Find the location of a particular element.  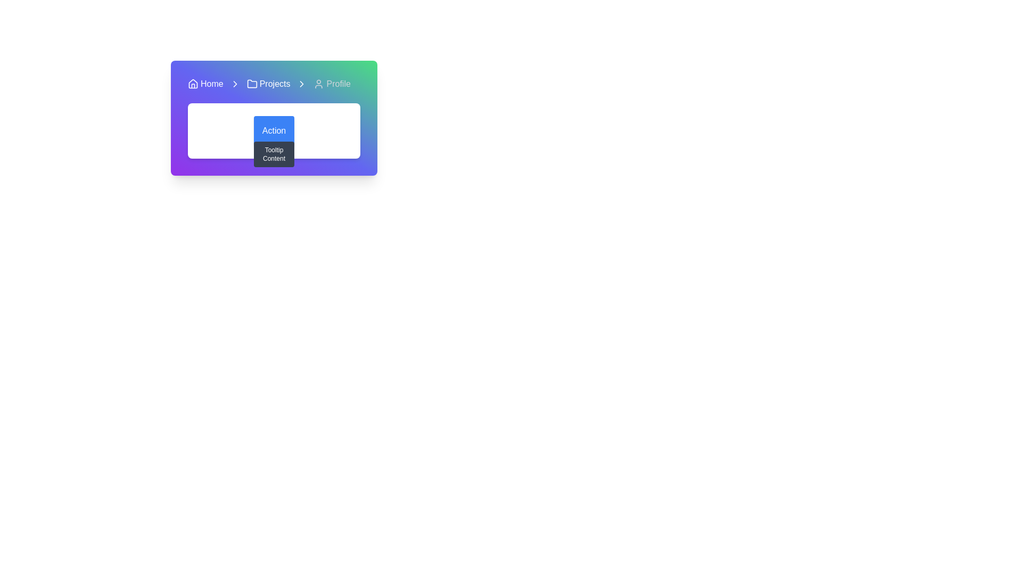

the second icon in the navigation bar, located between the 'Home' and 'Projects' text elements, which serves as a visual separator in the interface is located at coordinates (234, 84).